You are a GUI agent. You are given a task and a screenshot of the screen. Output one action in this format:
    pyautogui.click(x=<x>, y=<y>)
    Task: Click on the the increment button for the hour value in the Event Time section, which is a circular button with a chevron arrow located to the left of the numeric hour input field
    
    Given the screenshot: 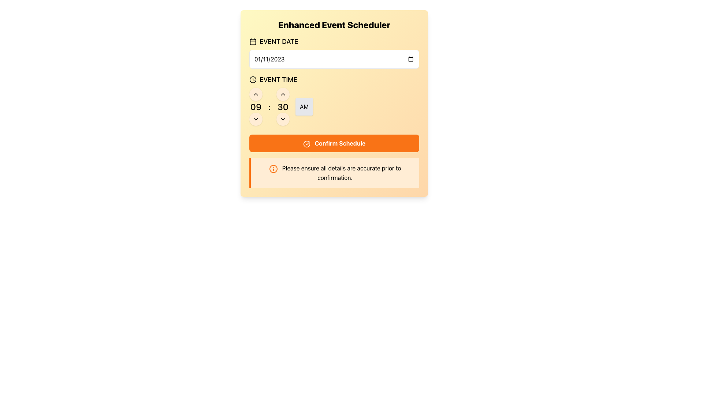 What is the action you would take?
    pyautogui.click(x=282, y=94)
    